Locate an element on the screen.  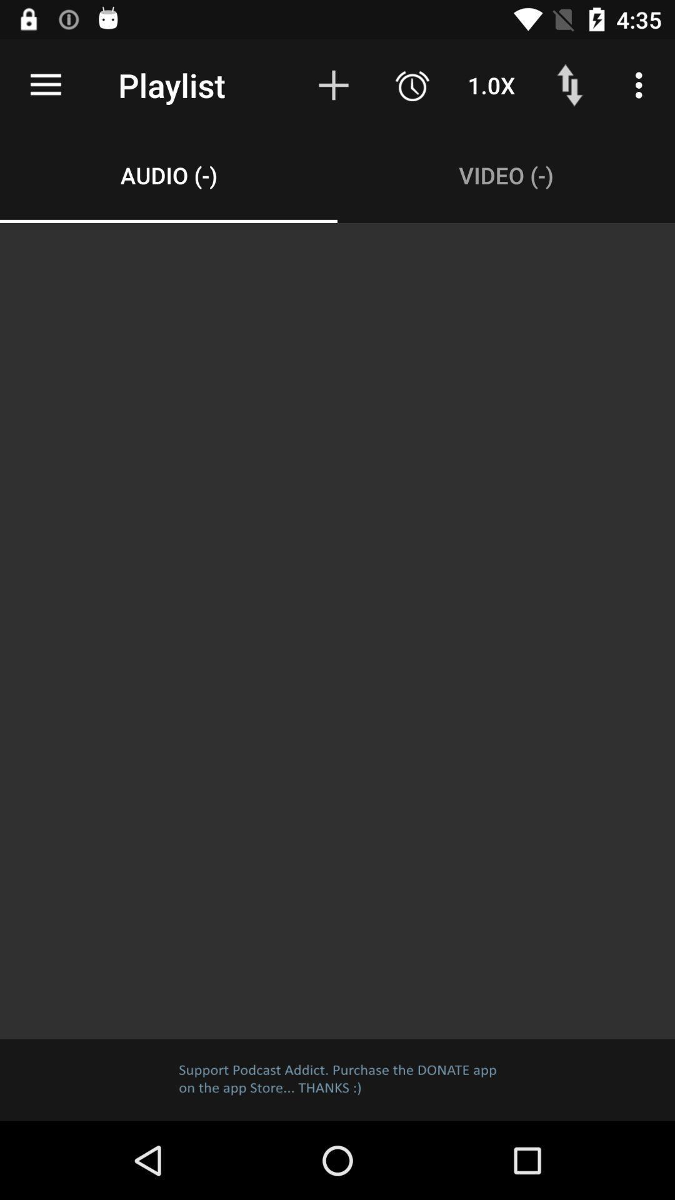
item below audio (-) item is located at coordinates (337, 631).